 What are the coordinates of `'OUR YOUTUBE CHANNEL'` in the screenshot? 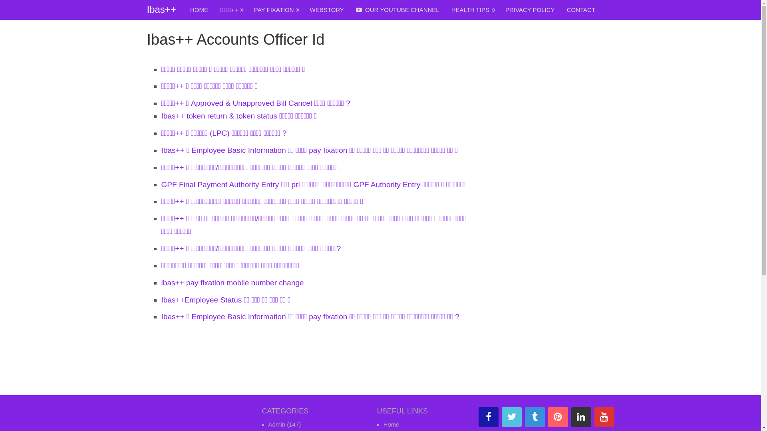 It's located at (397, 10).